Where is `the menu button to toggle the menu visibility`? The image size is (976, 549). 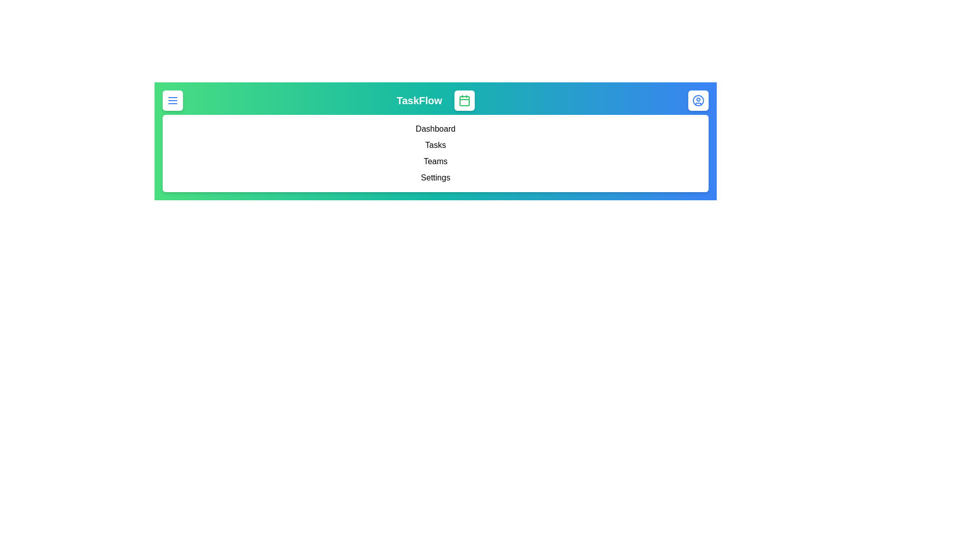
the menu button to toggle the menu visibility is located at coordinates (173, 100).